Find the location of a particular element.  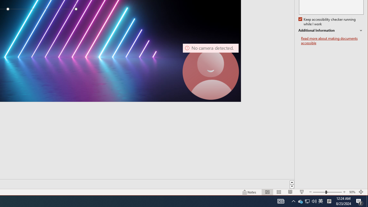

'Camera 7, No camera detected.' is located at coordinates (210, 71).